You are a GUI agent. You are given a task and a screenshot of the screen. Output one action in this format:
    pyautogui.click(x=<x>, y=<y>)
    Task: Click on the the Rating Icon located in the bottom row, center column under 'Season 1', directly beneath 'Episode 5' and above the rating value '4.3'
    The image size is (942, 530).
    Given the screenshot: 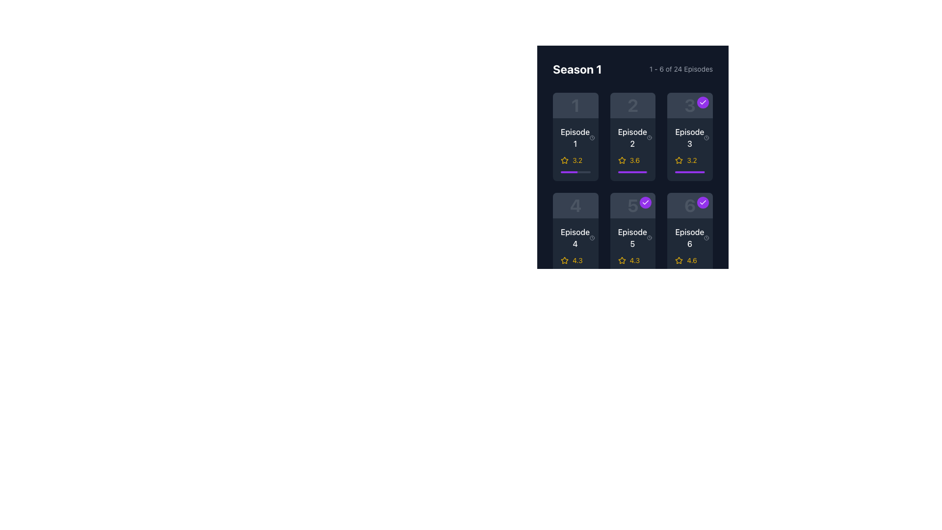 What is the action you would take?
    pyautogui.click(x=621, y=260)
    